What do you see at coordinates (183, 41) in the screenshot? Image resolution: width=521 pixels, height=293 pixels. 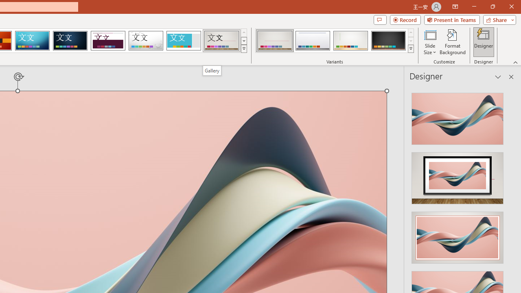 I see `'Frame'` at bounding box center [183, 41].